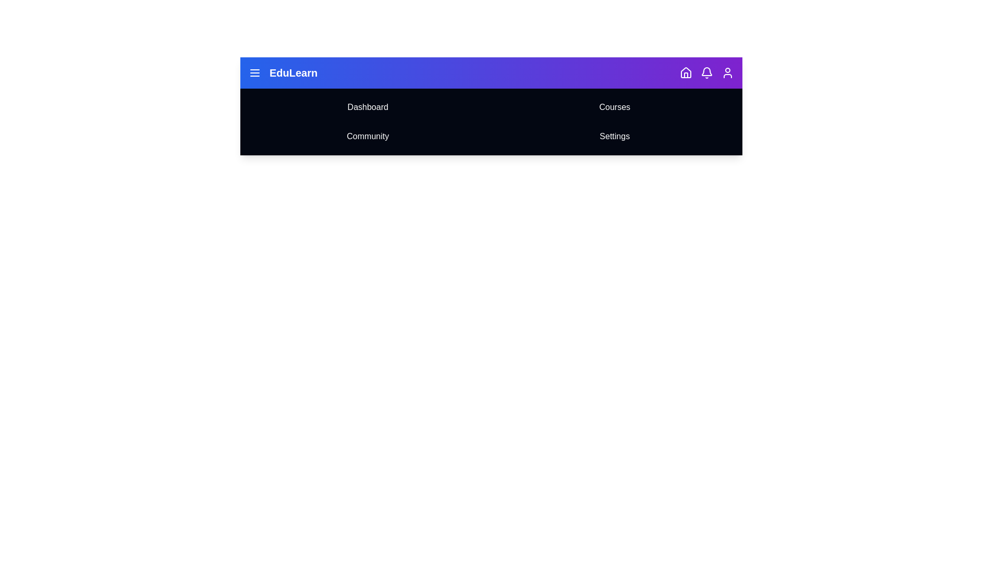 The image size is (1001, 563). Describe the element at coordinates (615, 136) in the screenshot. I see `the Settings navigation icon to navigate to the respective section` at that location.